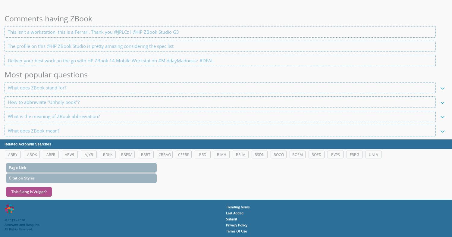 The height and width of the screenshot is (237, 452). What do you see at coordinates (237, 225) in the screenshot?
I see `'Privacy Policy'` at bounding box center [237, 225].